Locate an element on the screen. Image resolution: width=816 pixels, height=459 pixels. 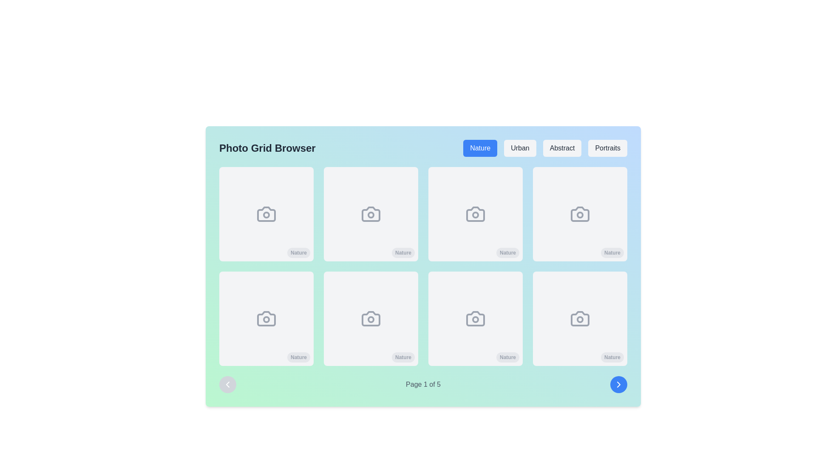
the SVG-based circular icon that indicates an active or selected state within the camera icon, located in the second item of the top row in a 4x2 grid layout is located at coordinates (371, 214).